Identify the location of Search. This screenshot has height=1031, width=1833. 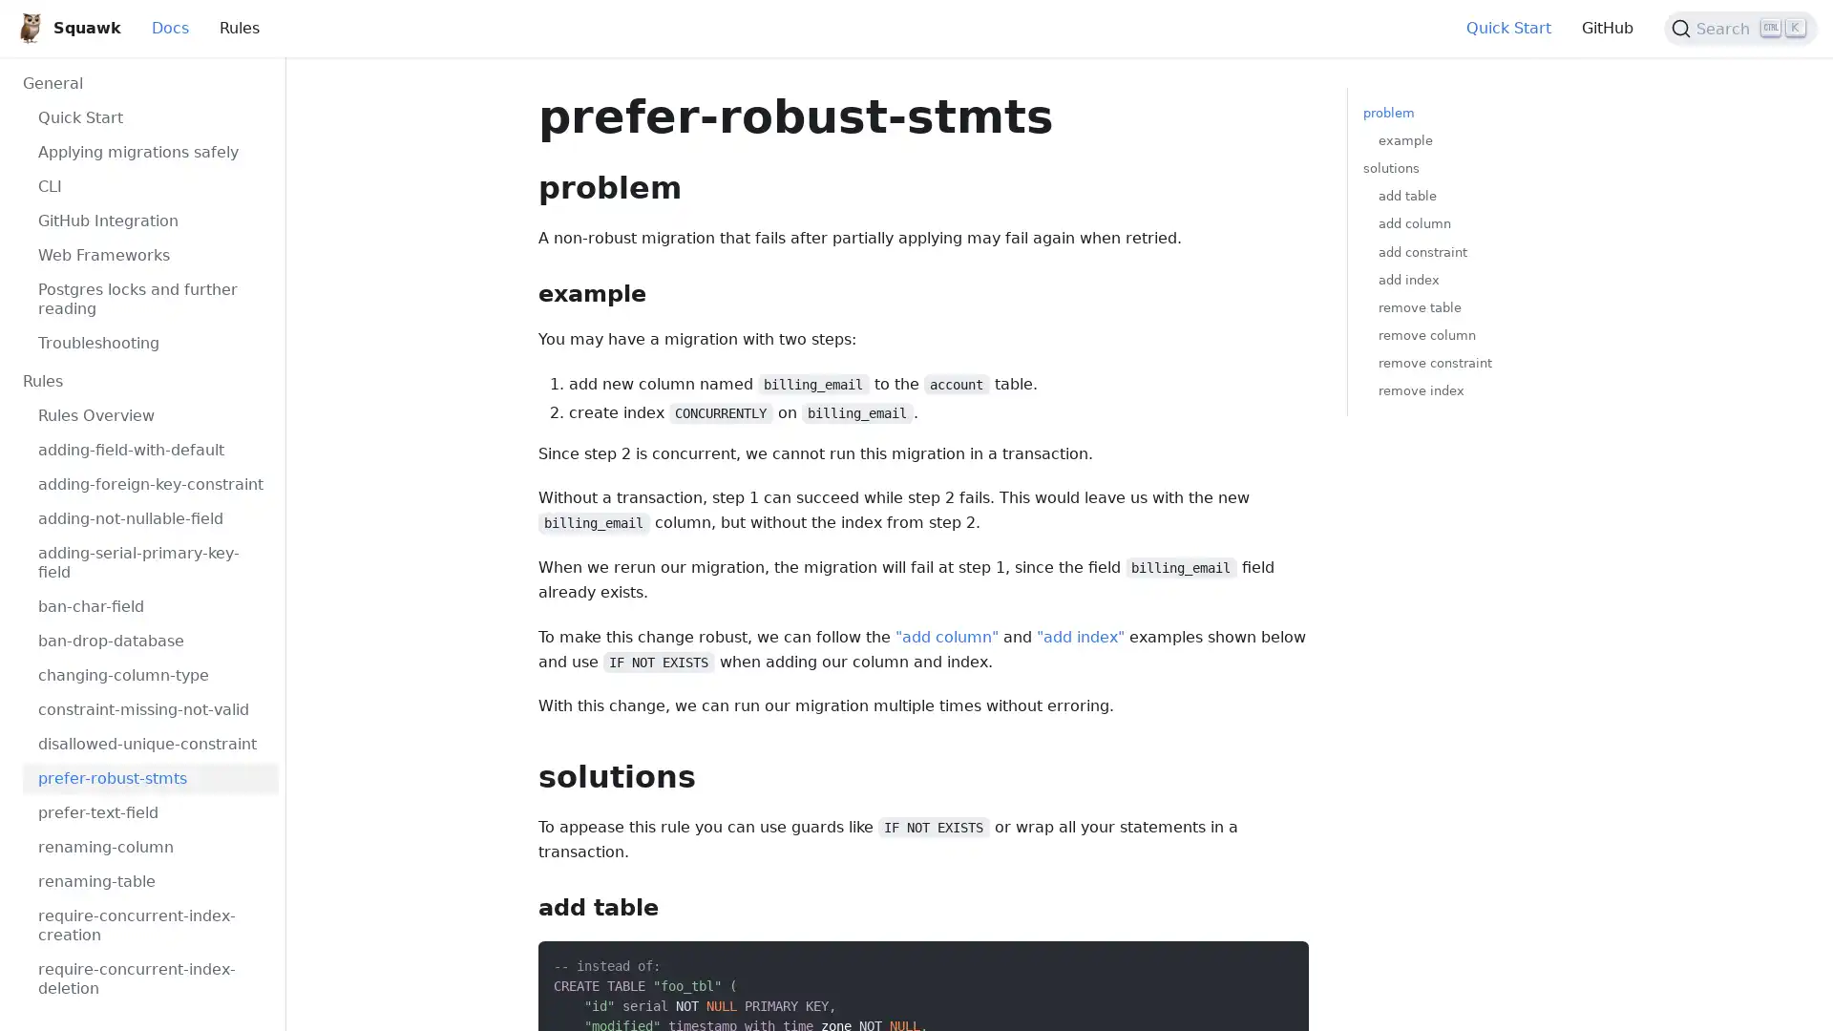
(1740, 29).